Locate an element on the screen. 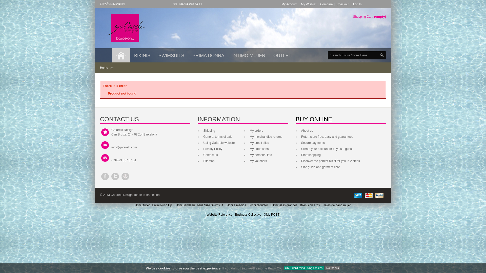 The height and width of the screenshot is (273, 486). 'BIKINIS' is located at coordinates (130, 55).